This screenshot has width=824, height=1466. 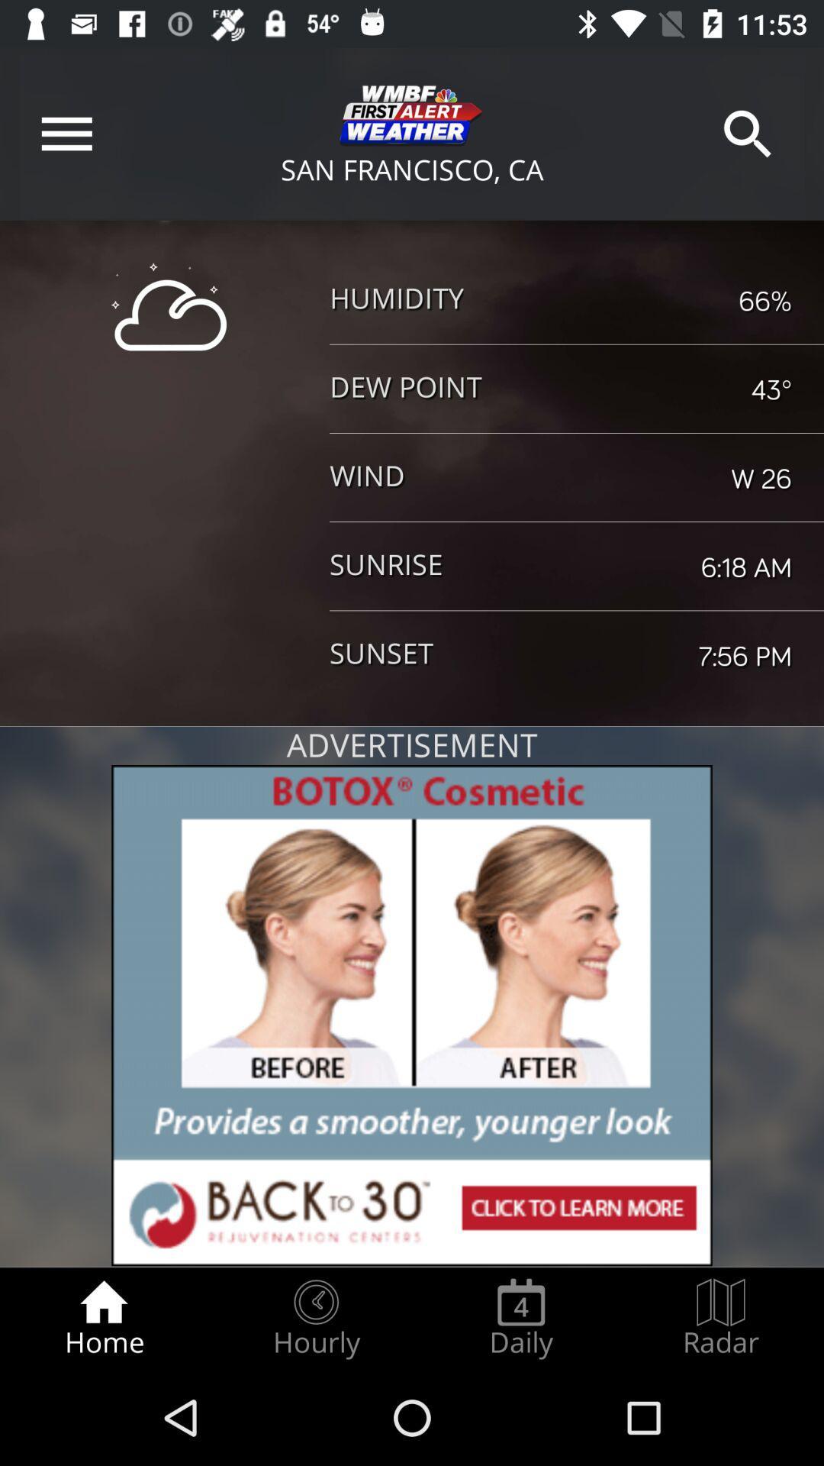 What do you see at coordinates (520, 1318) in the screenshot?
I see `the daily icon` at bounding box center [520, 1318].